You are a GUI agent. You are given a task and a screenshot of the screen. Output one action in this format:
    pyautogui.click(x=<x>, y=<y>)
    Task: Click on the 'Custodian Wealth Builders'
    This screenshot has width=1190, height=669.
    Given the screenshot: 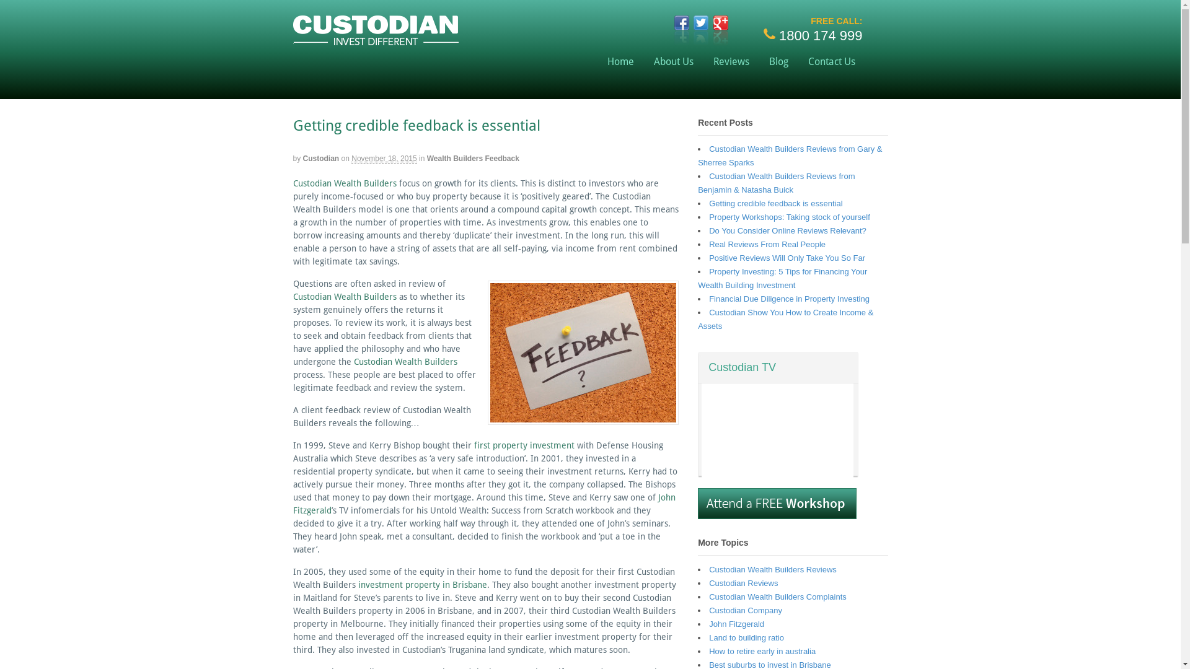 What is the action you would take?
    pyautogui.click(x=353, y=361)
    